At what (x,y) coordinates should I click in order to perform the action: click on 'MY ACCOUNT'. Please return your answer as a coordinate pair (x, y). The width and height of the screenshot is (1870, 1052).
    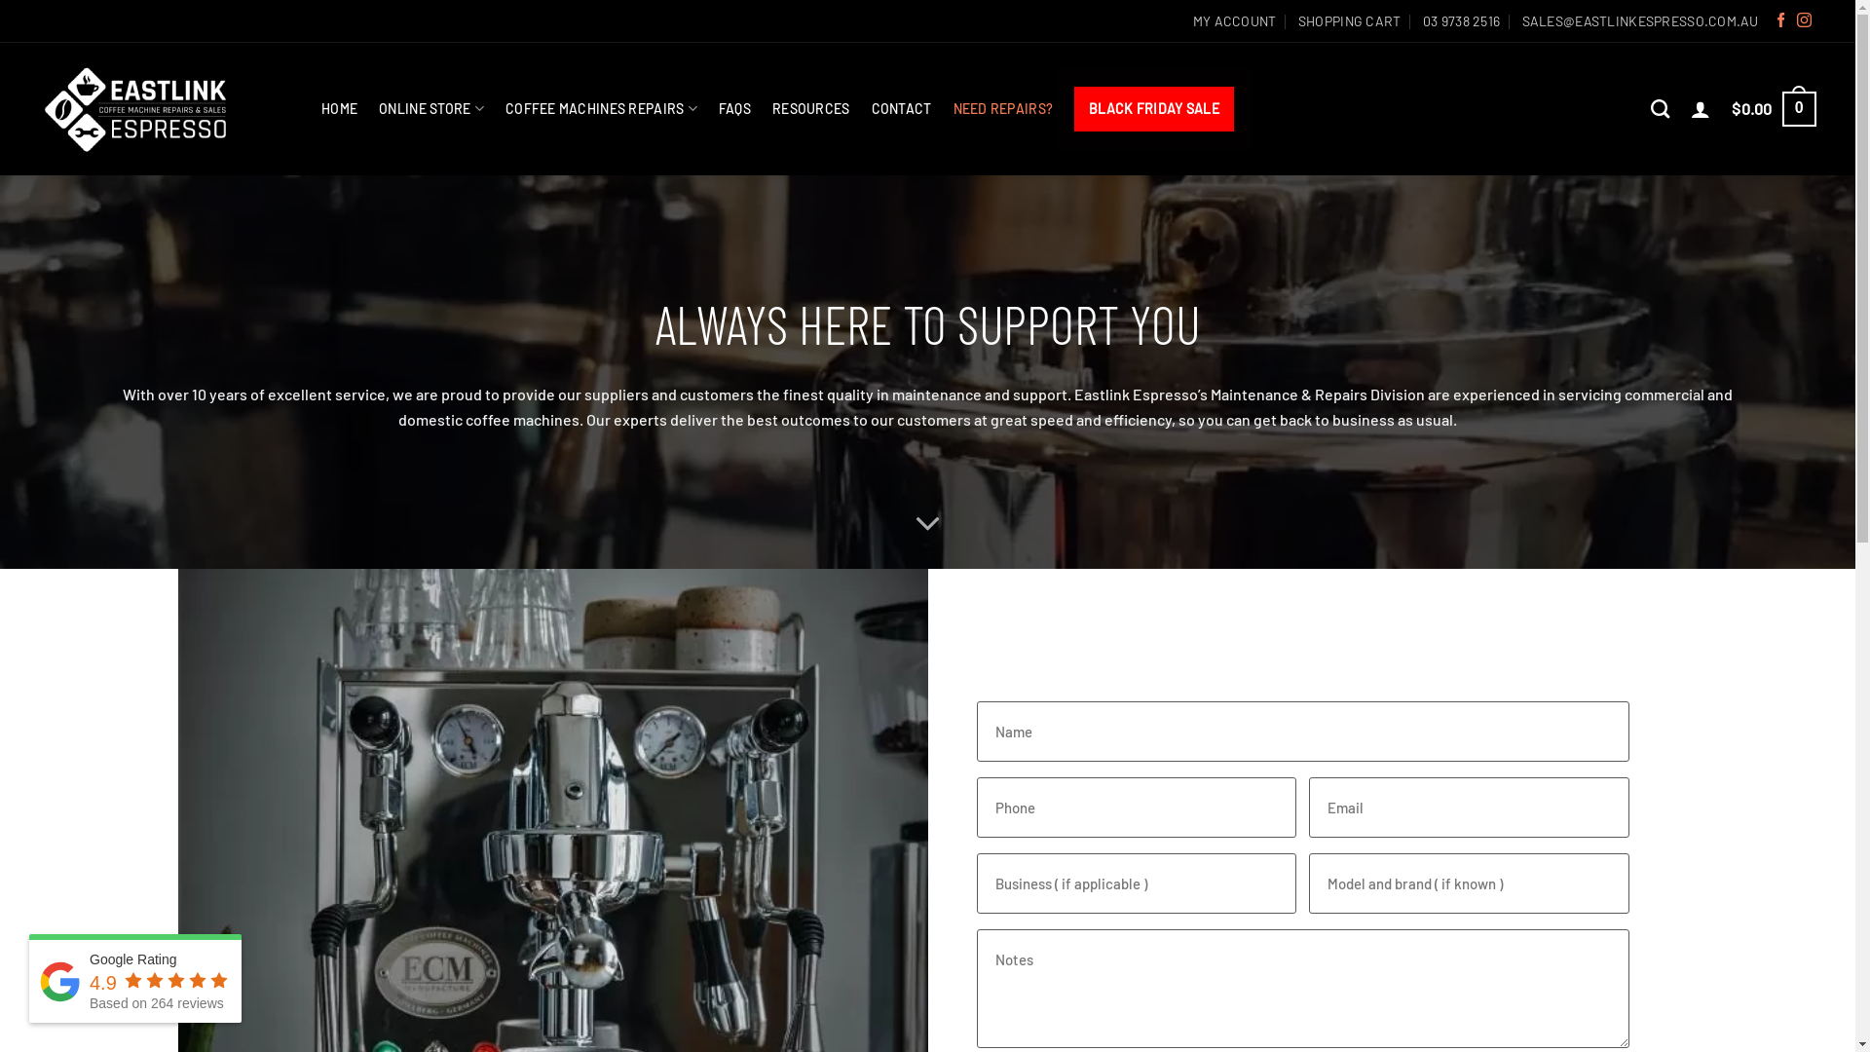
    Looking at the image, I should click on (1233, 19).